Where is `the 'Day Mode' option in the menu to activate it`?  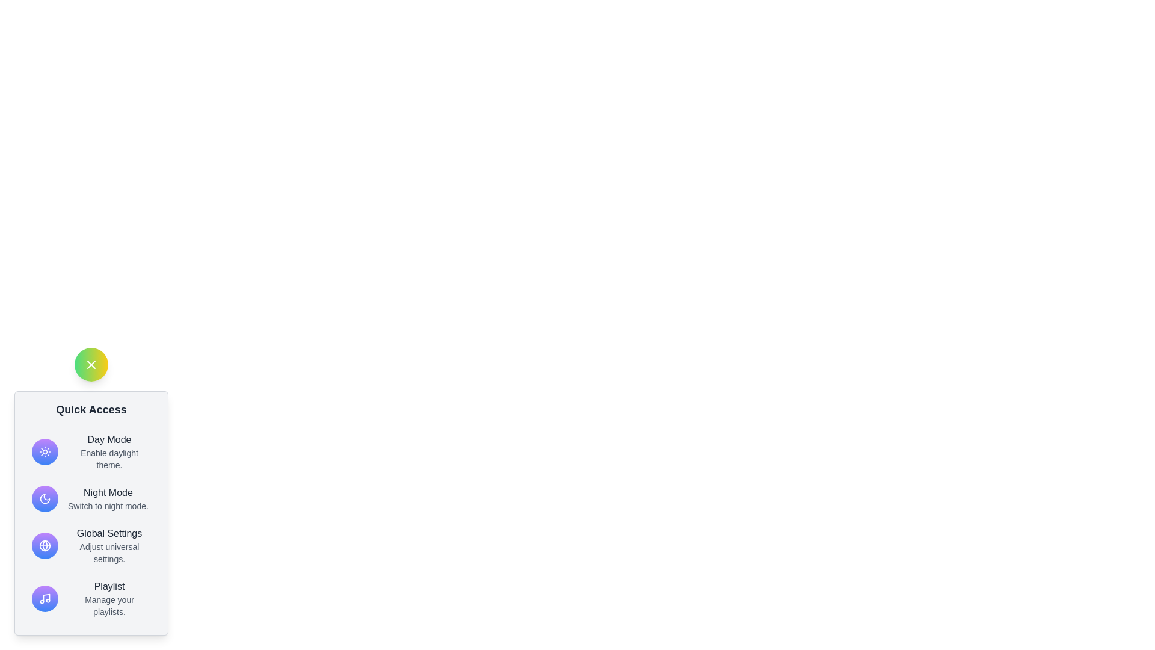 the 'Day Mode' option in the menu to activate it is located at coordinates (91, 452).